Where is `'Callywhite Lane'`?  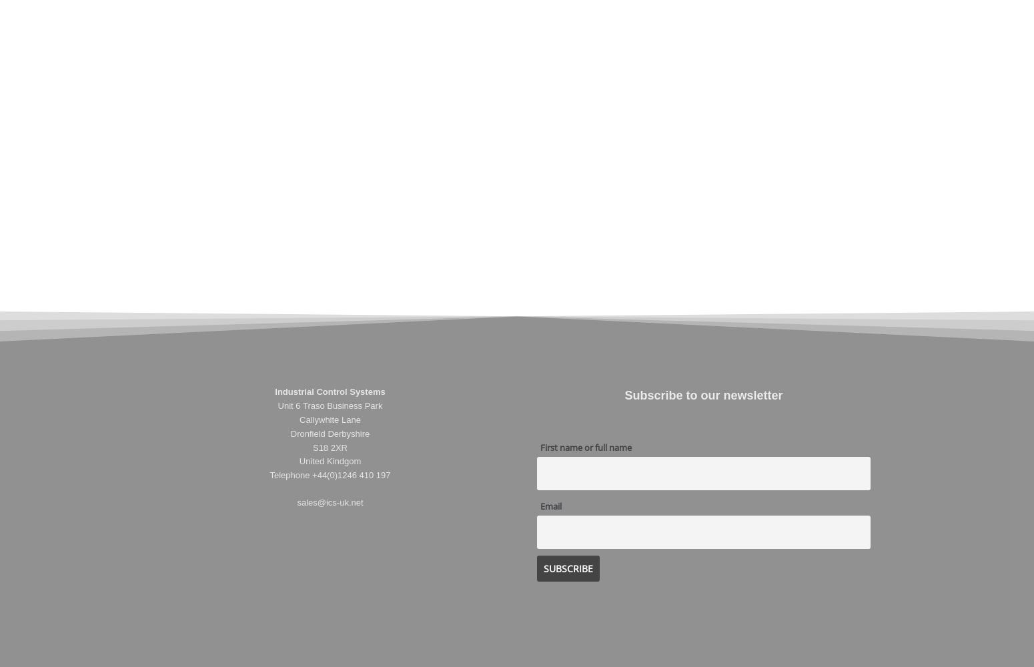 'Callywhite Lane' is located at coordinates (300, 420).